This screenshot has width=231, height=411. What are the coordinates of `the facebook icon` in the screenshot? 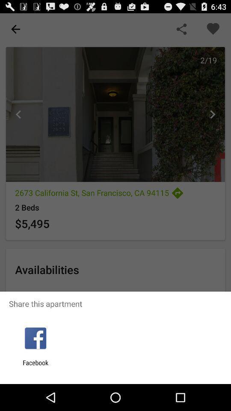 It's located at (35, 366).